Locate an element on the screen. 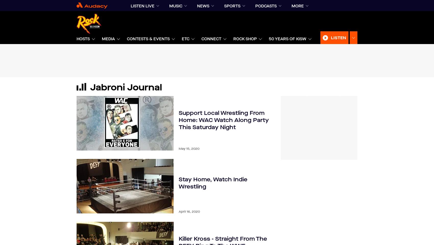  'Support Local Wrestling From Home: WAC Watch Along Party This Saturday Night' is located at coordinates (224, 120).